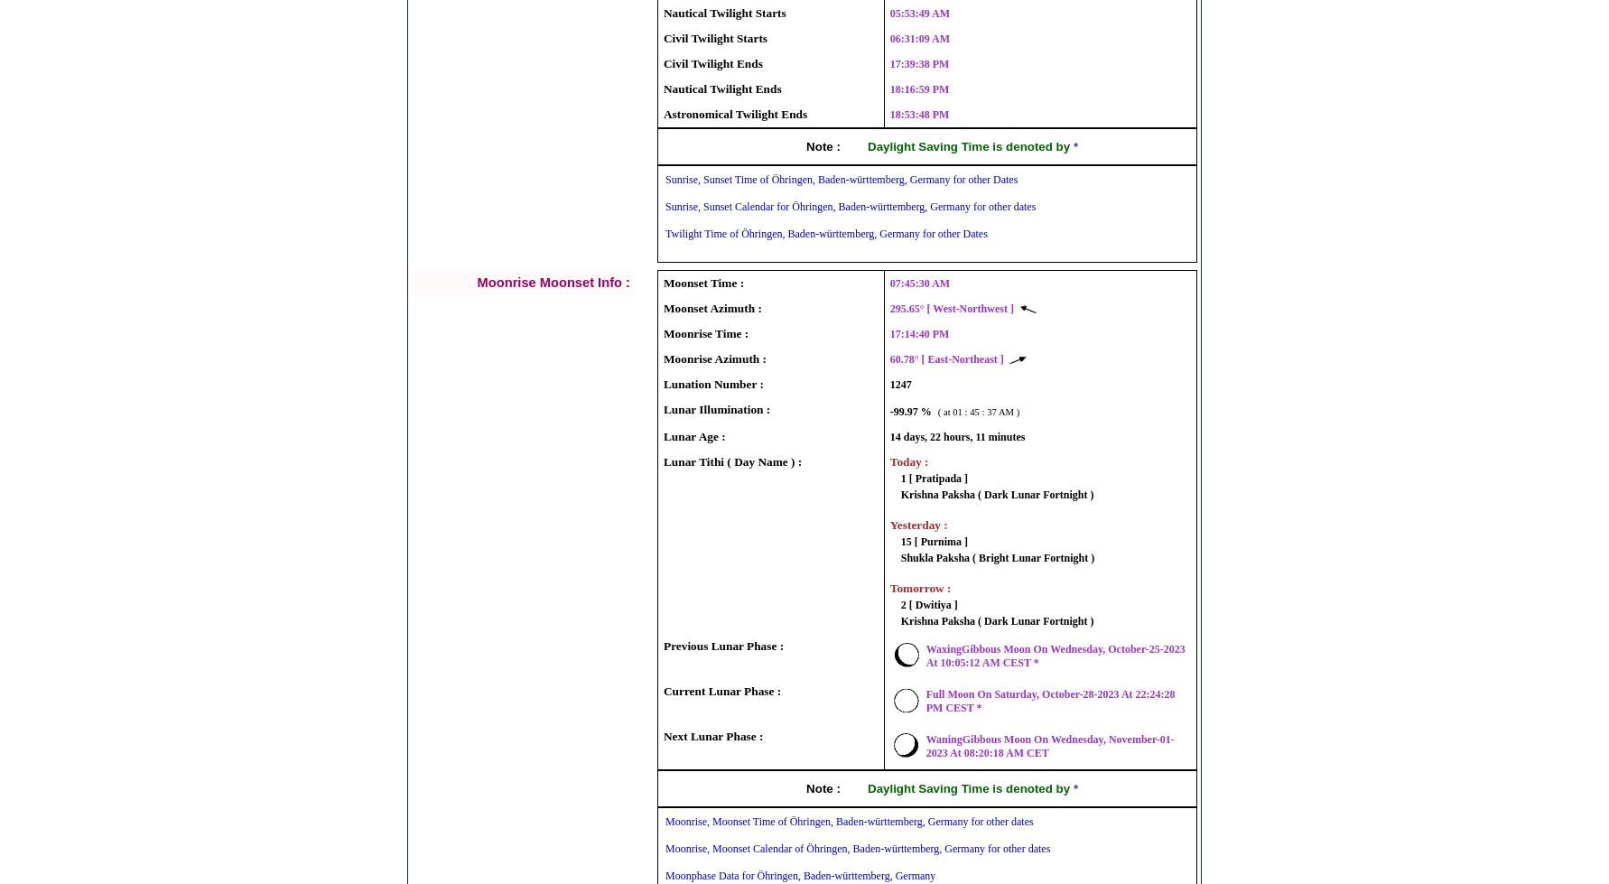 This screenshot has height=884, width=1609. Describe the element at coordinates (918, 12) in the screenshot. I see `'05:53:49 AM'` at that location.